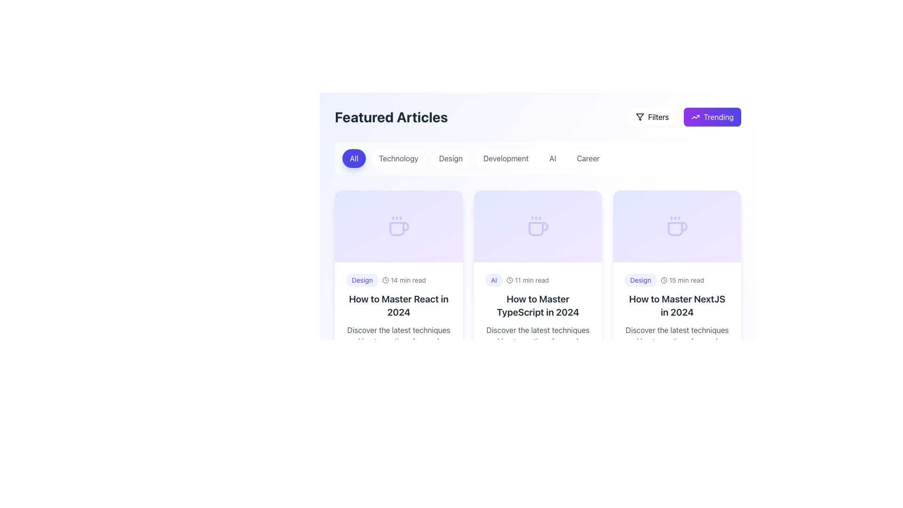  Describe the element at coordinates (509, 280) in the screenshot. I see `the clock icon located in the label at the top of the content card titled 'How to Master TypeScript in 2024', which is adjacent to the text '11 min read'` at that location.